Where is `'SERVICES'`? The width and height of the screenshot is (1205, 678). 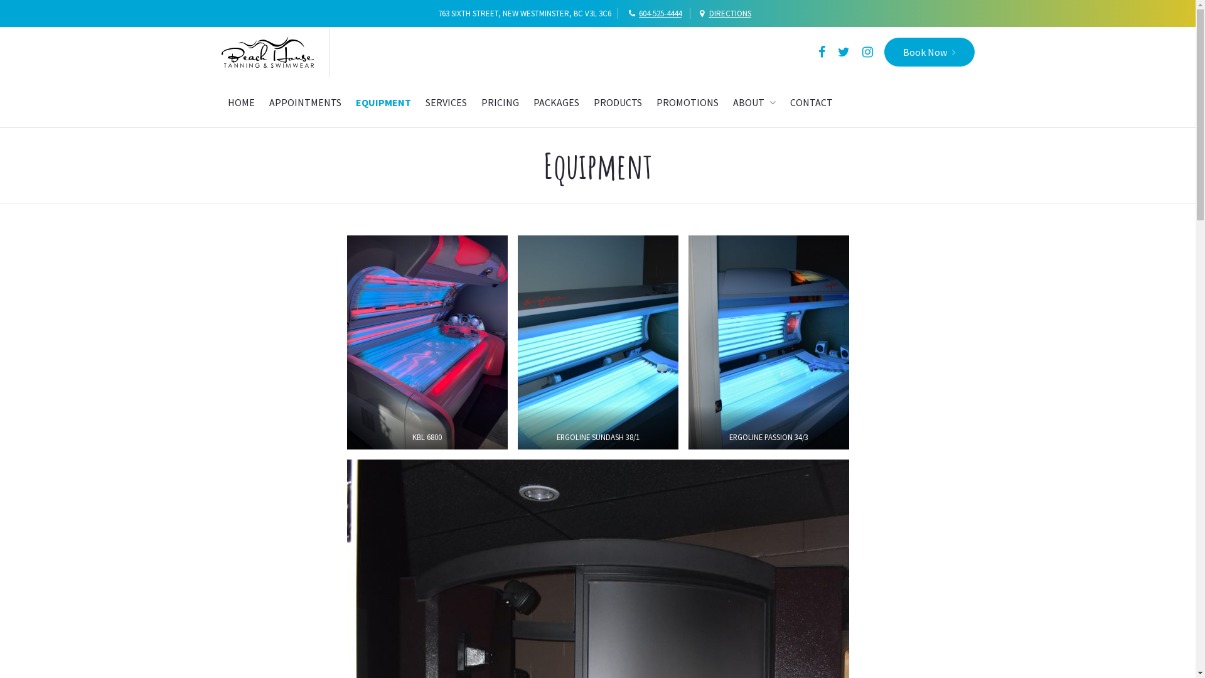 'SERVICES' is located at coordinates (446, 101).